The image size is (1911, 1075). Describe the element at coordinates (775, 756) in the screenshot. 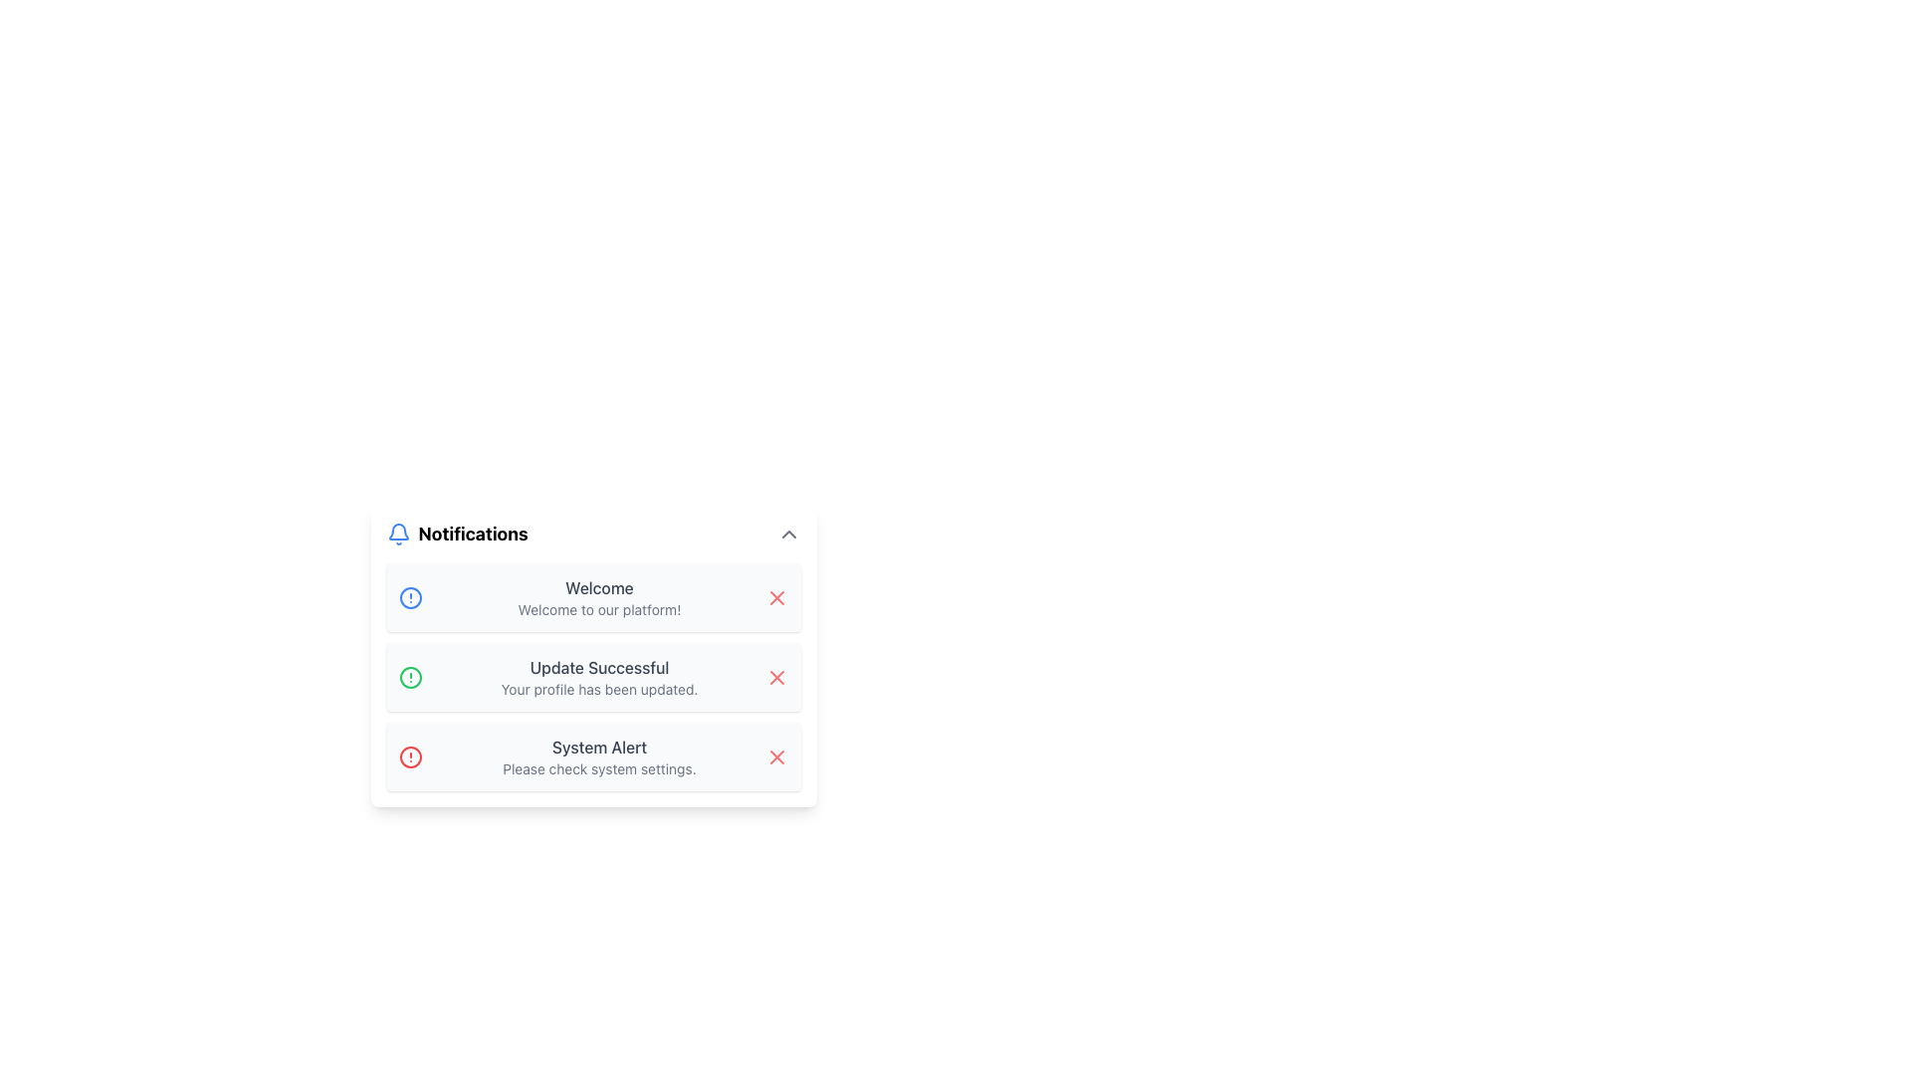

I see `the second diagonal line of the 'X' close icon in the notification component to emphasize its interactivity` at that location.